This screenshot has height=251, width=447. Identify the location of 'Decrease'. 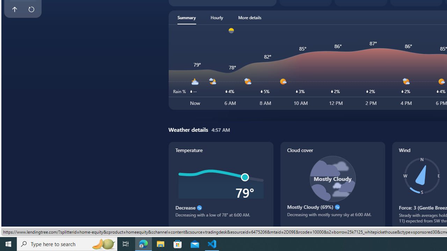
(199, 207).